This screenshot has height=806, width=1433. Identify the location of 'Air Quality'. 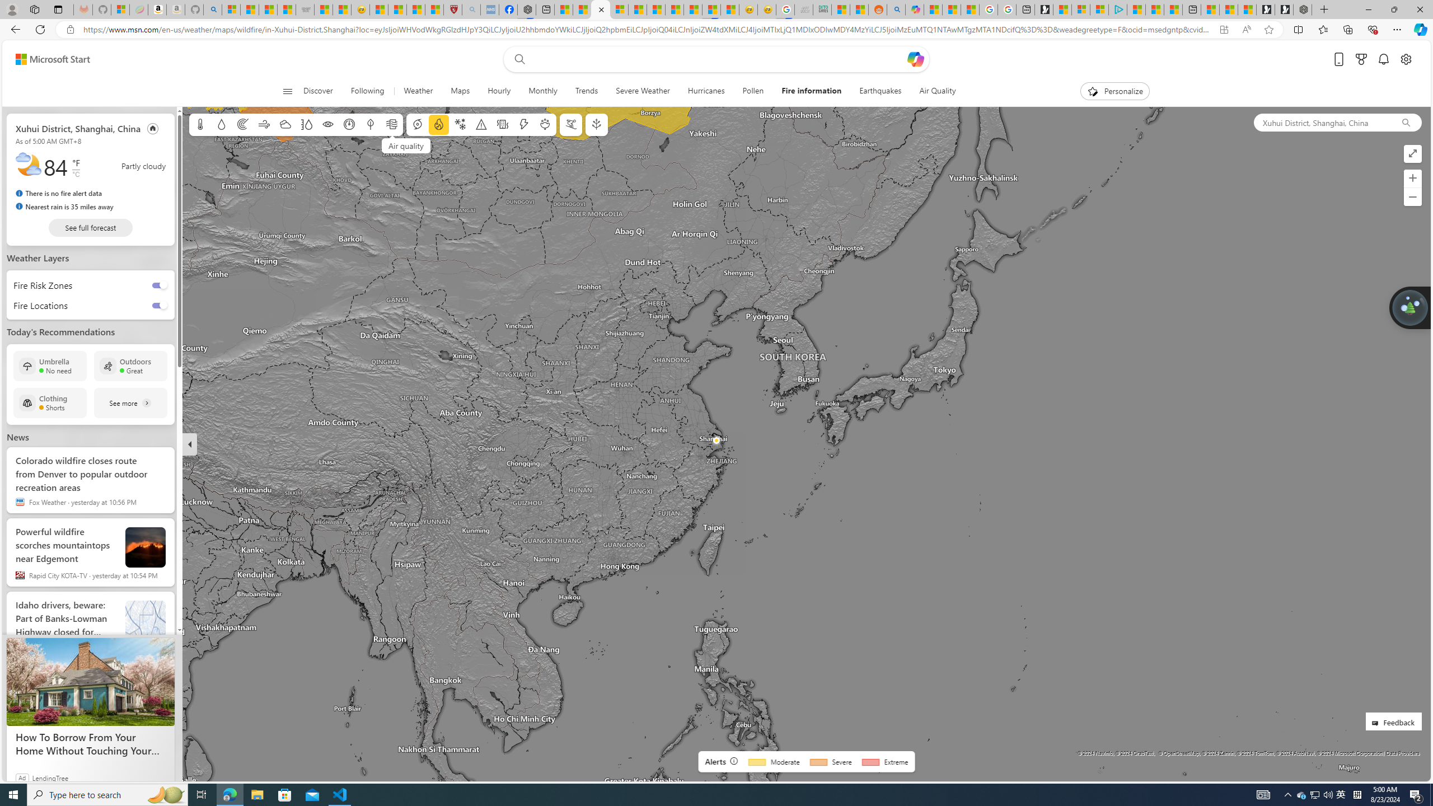
(937, 91).